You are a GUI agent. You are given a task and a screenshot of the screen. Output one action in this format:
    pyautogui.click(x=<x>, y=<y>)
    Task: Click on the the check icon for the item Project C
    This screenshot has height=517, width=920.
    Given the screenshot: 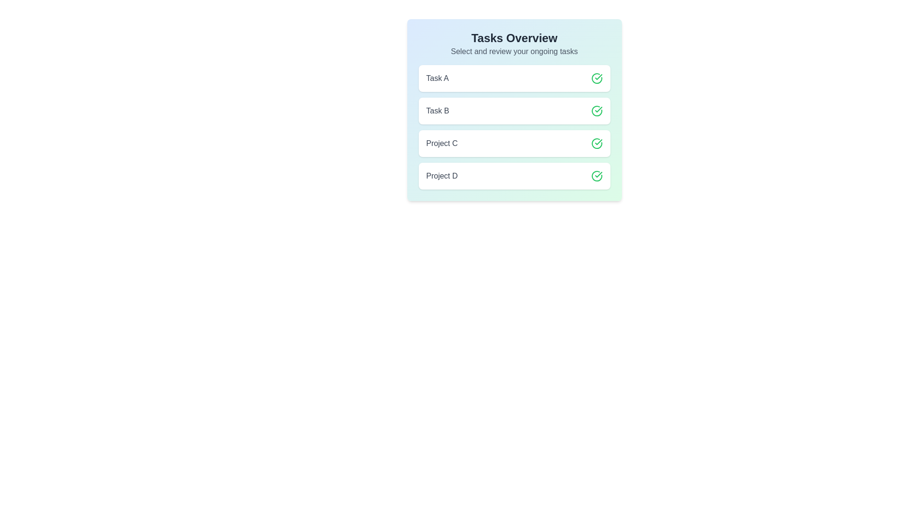 What is the action you would take?
    pyautogui.click(x=596, y=144)
    